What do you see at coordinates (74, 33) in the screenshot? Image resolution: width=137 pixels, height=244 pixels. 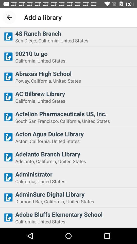 I see `the 4s ranch branch icon` at bounding box center [74, 33].